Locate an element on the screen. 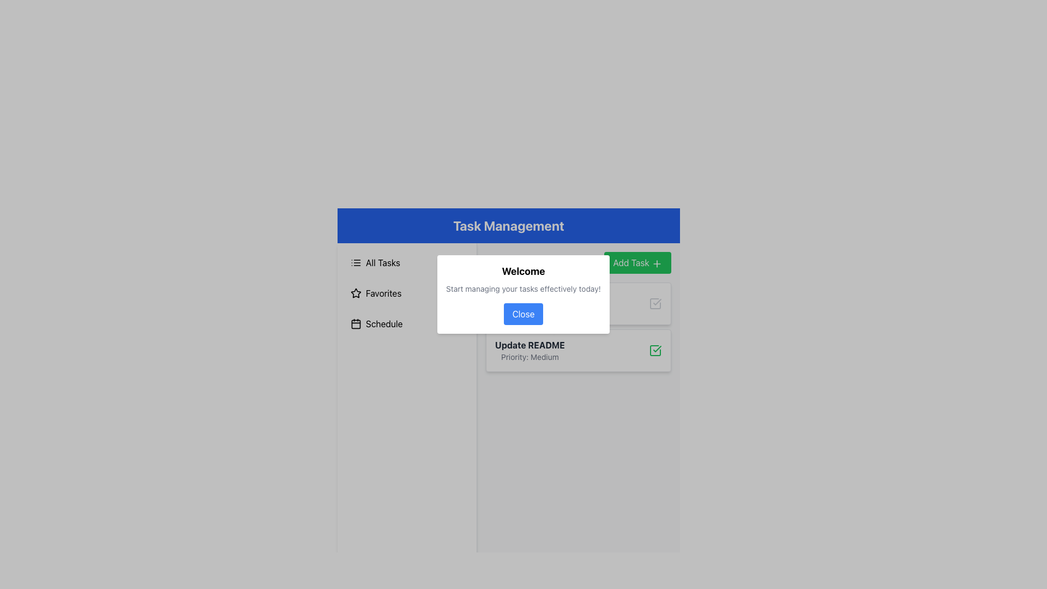  the informational text label that displays 'Priority: Medium', which is positioned below the bolded label 'Update README' in the task listing interface is located at coordinates (529, 357).